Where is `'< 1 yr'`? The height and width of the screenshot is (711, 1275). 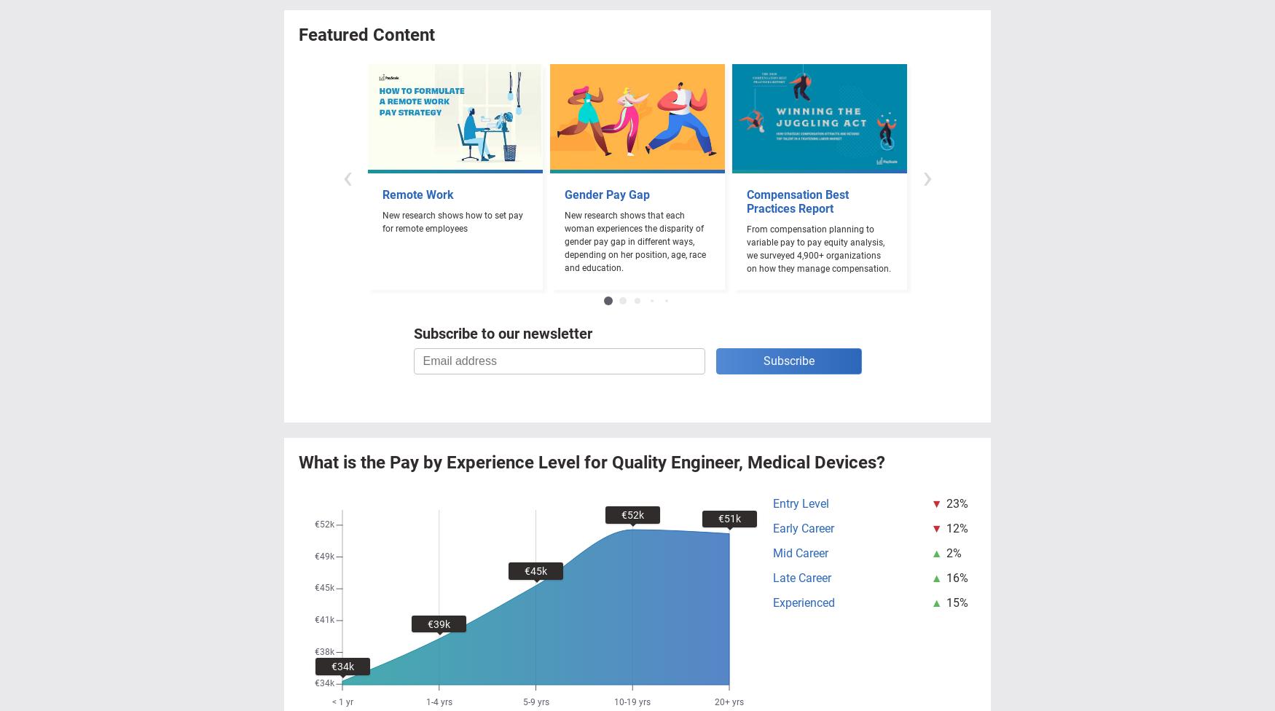 '< 1 yr' is located at coordinates (342, 701).